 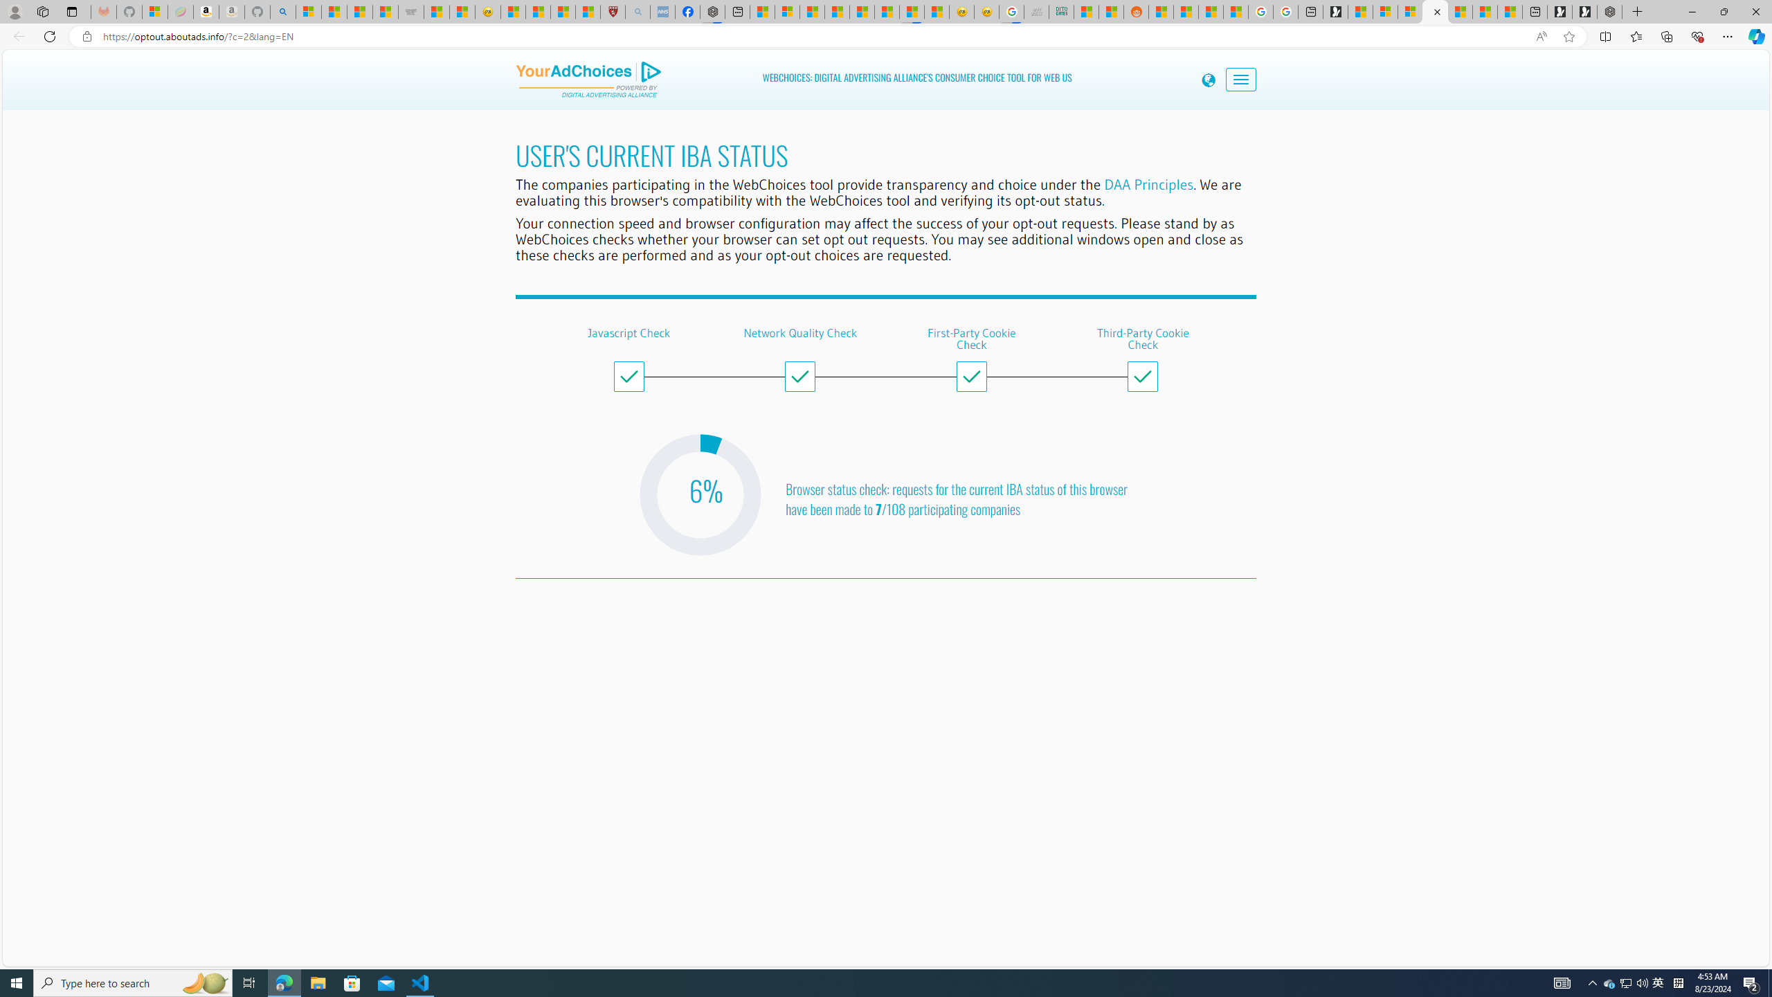 What do you see at coordinates (587, 79) in the screenshot?
I see `'DAA Logo'` at bounding box center [587, 79].